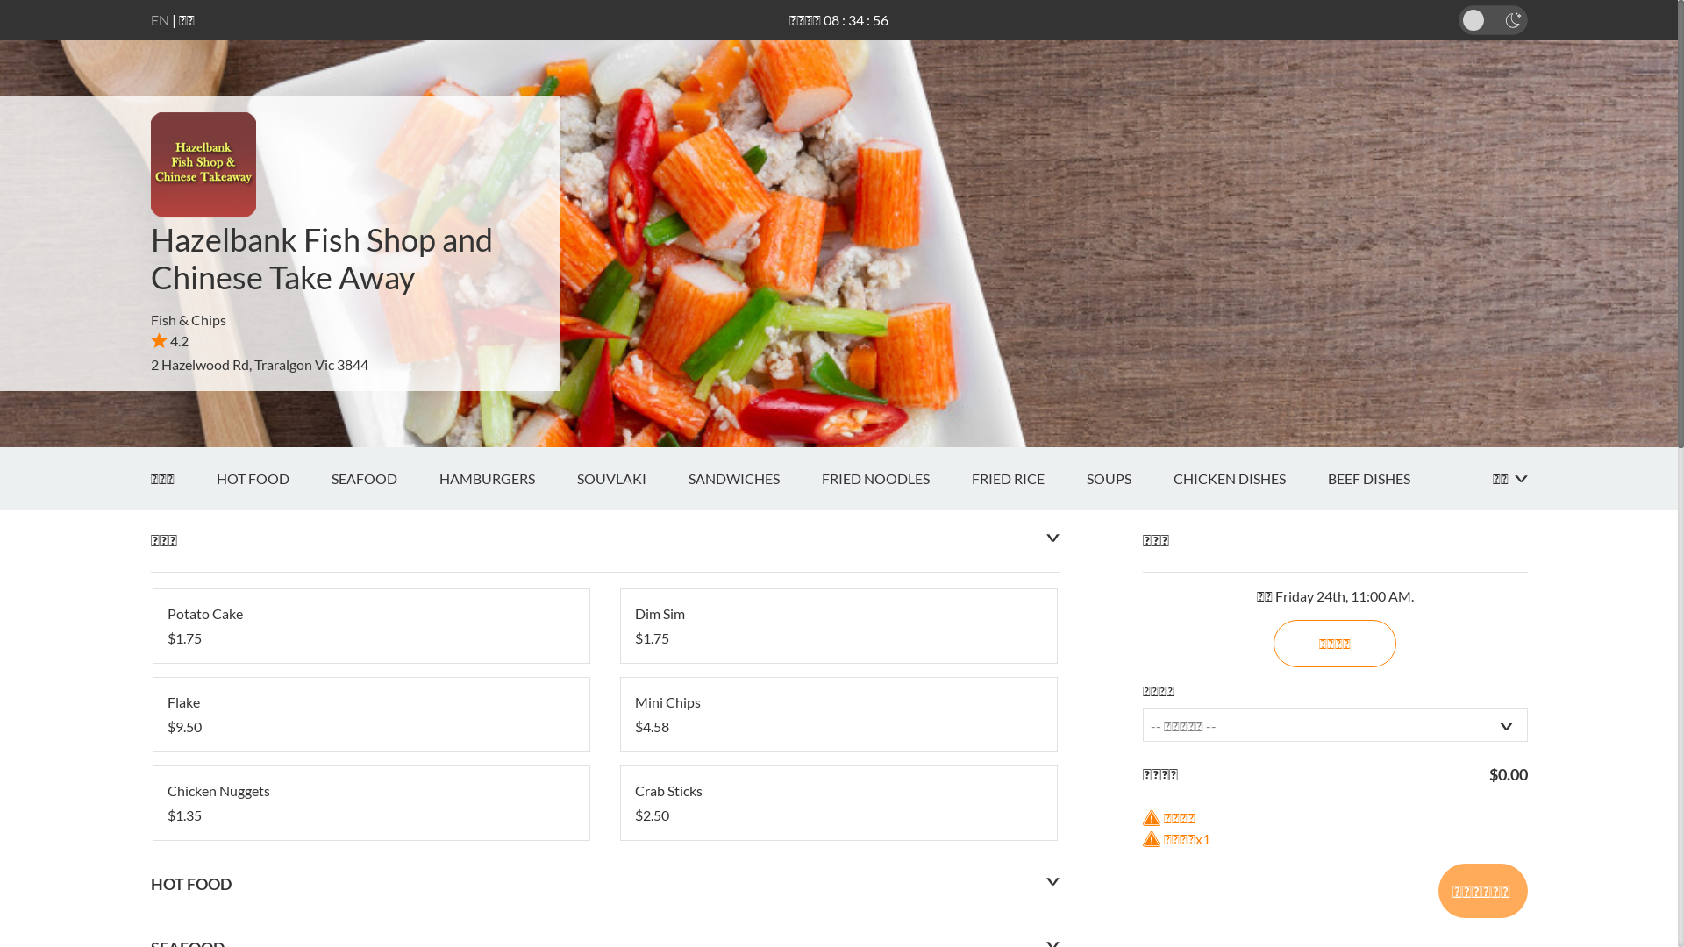 The width and height of the screenshot is (1684, 947). Describe the element at coordinates (838, 714) in the screenshot. I see `'Mini Chips` at that location.